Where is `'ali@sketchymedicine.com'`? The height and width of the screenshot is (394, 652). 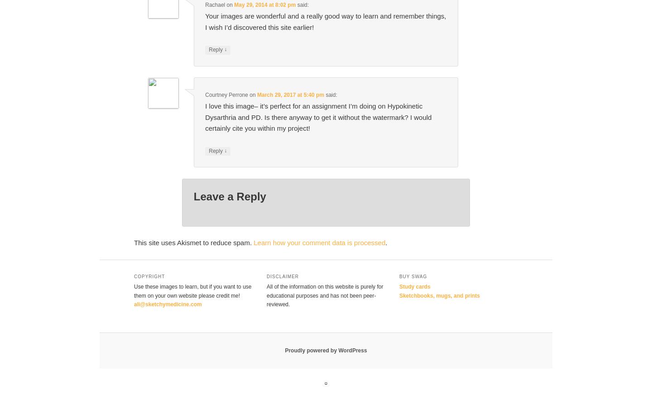 'ali@sketchymedicine.com' is located at coordinates (167, 304).